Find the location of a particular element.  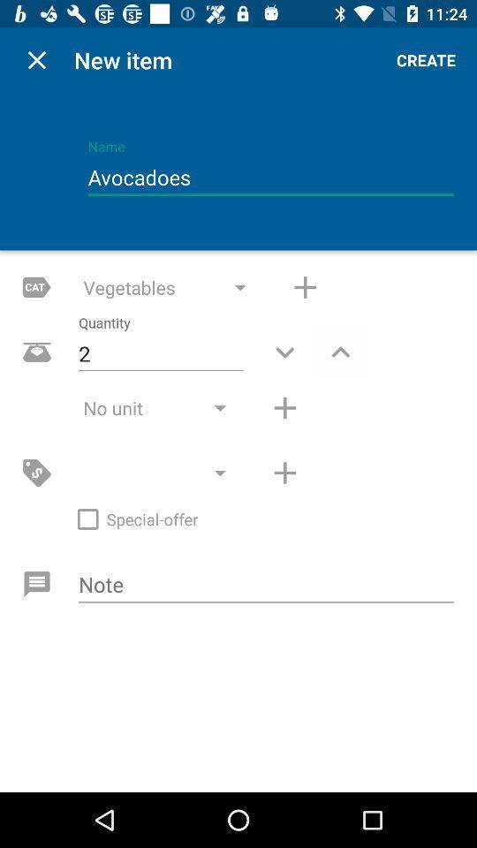

unit of measurement is located at coordinates (284, 408).